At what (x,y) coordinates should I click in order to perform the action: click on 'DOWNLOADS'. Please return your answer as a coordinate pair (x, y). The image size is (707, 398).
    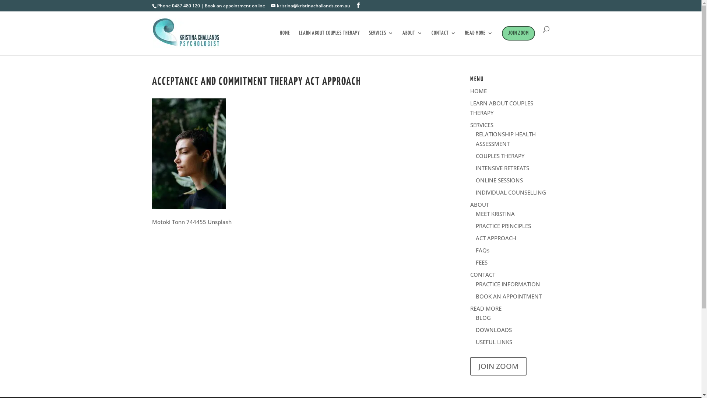
    Looking at the image, I should click on (493, 329).